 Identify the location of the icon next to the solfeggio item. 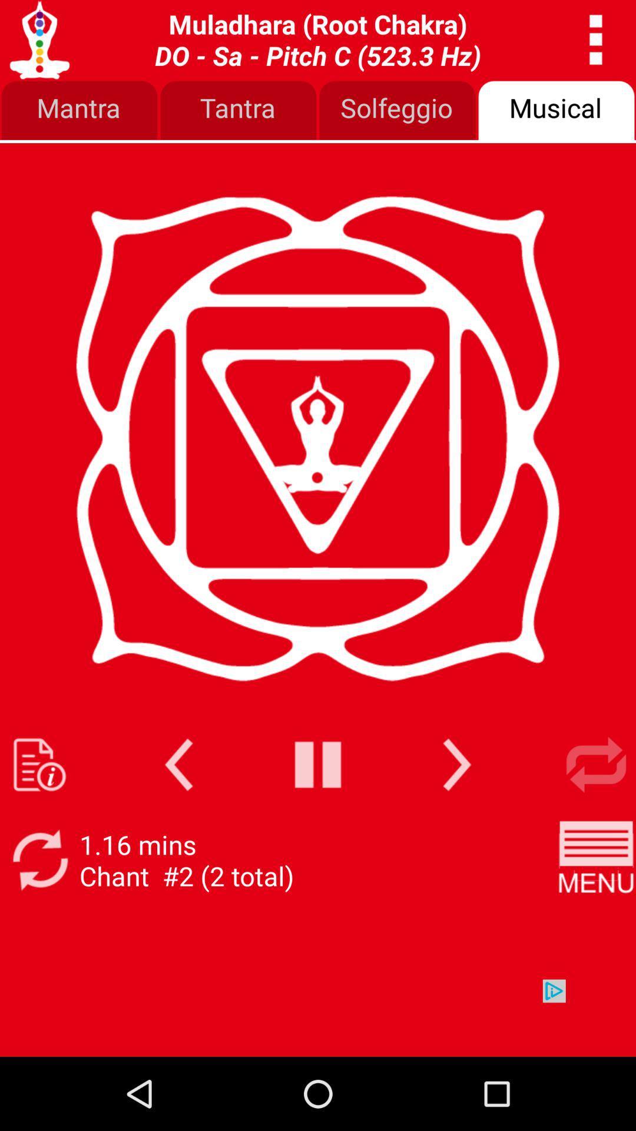
(556, 111).